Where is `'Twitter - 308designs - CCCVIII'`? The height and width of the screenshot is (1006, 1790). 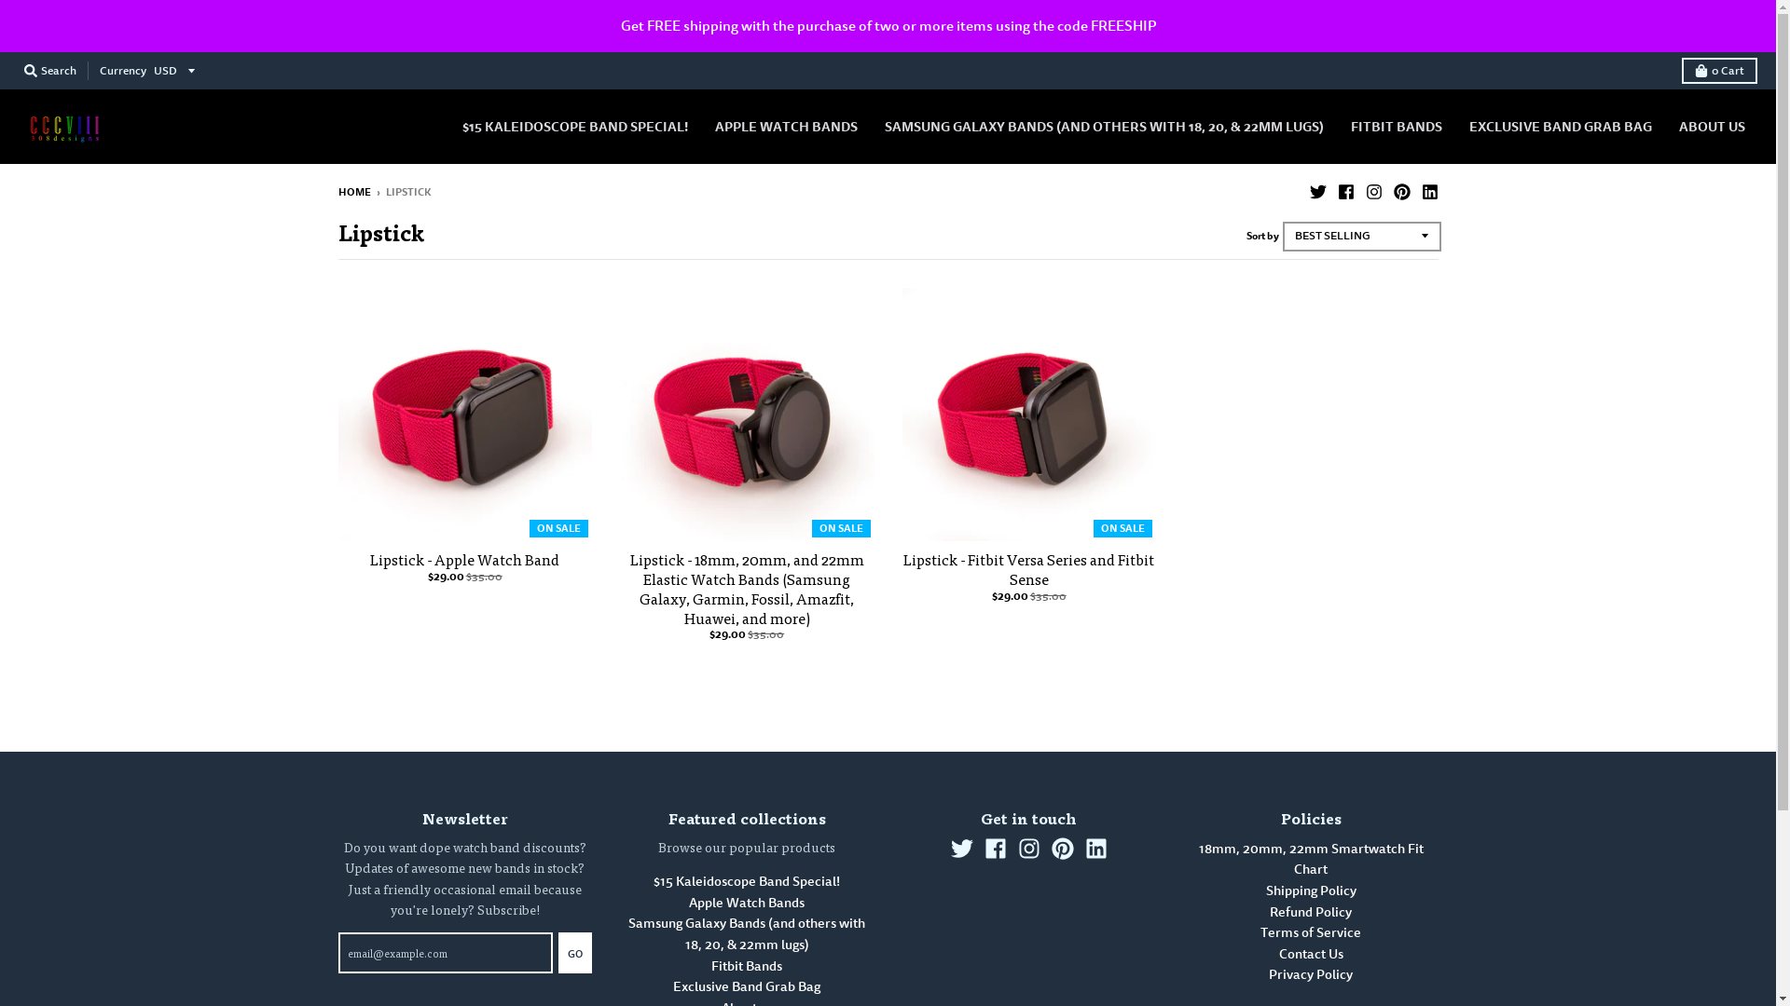
'Twitter - 308designs - CCCVIII' is located at coordinates (950, 848).